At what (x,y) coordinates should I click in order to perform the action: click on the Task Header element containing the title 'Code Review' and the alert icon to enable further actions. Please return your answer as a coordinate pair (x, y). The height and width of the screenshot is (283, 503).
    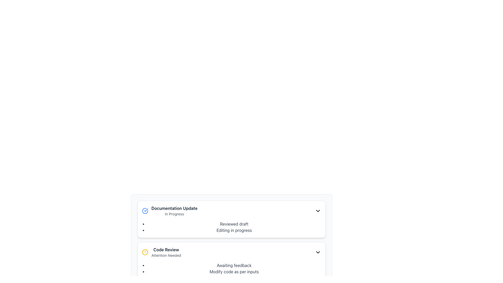
    Looking at the image, I should click on (231, 252).